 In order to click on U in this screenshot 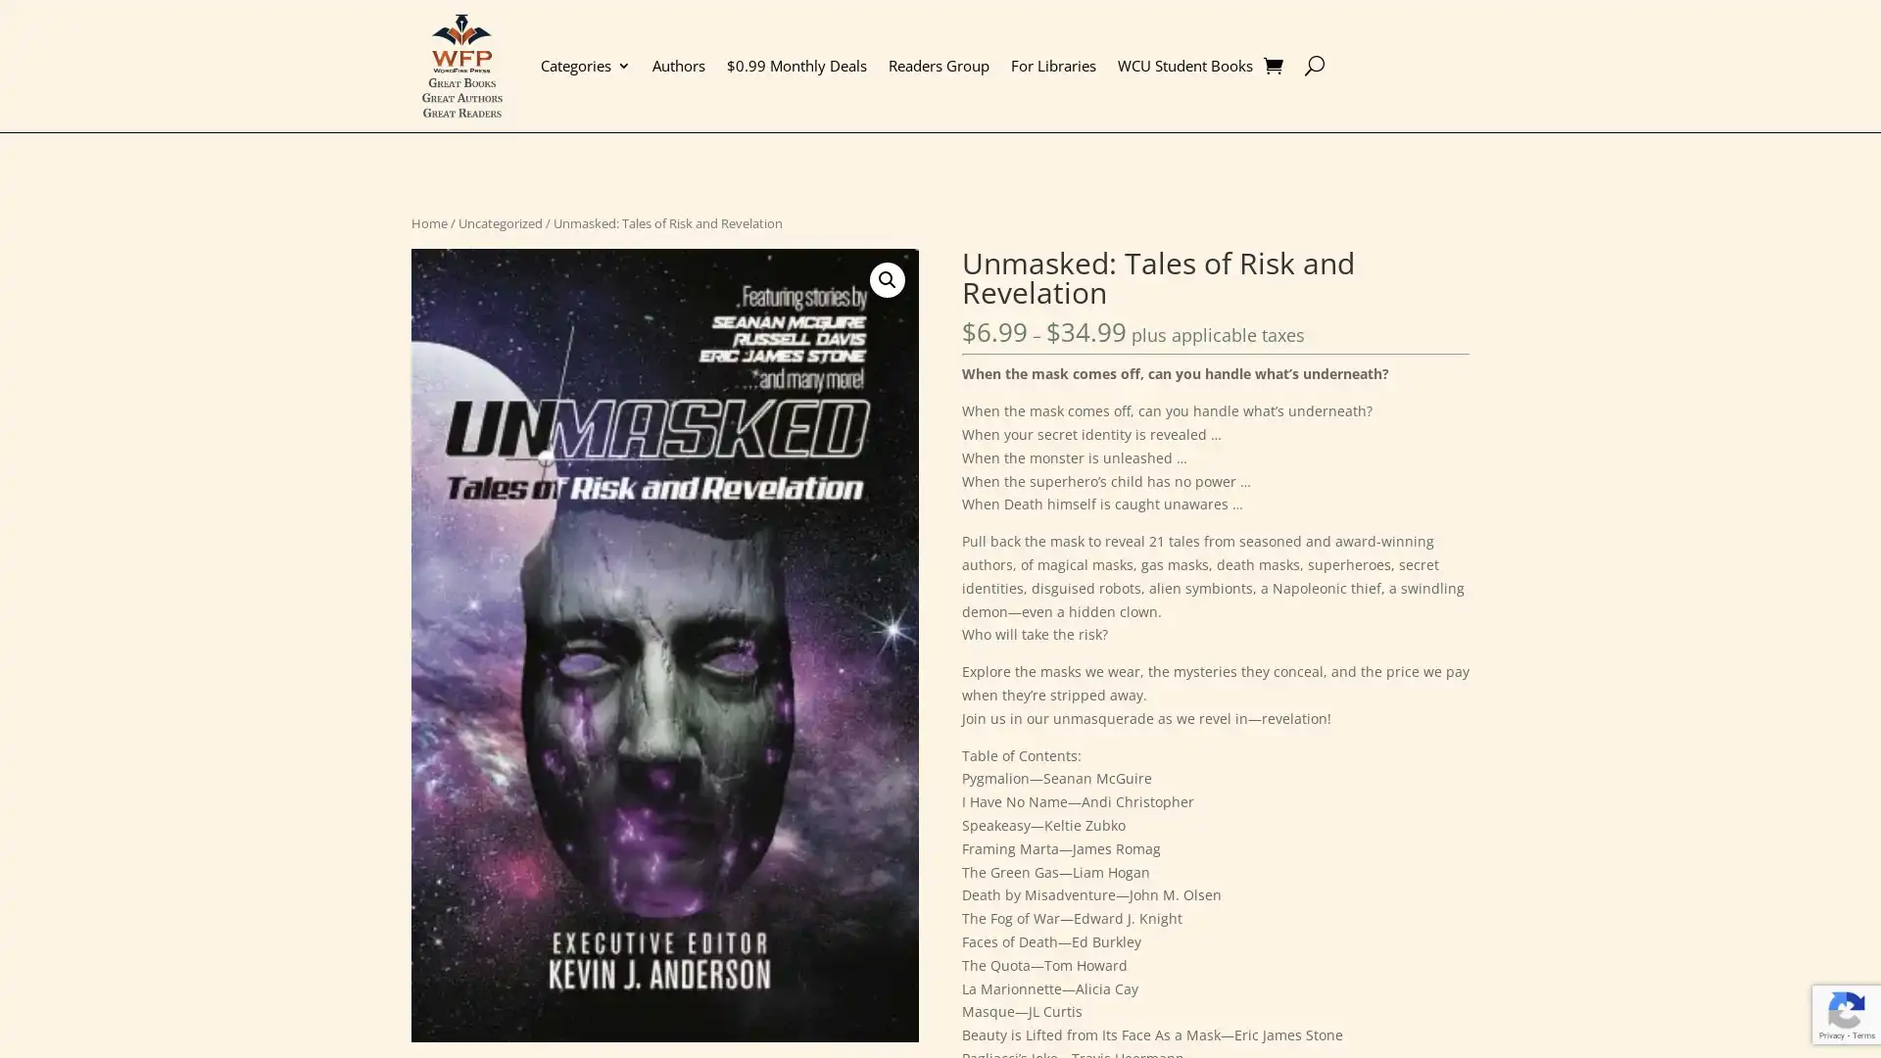, I will do `click(1313, 64)`.